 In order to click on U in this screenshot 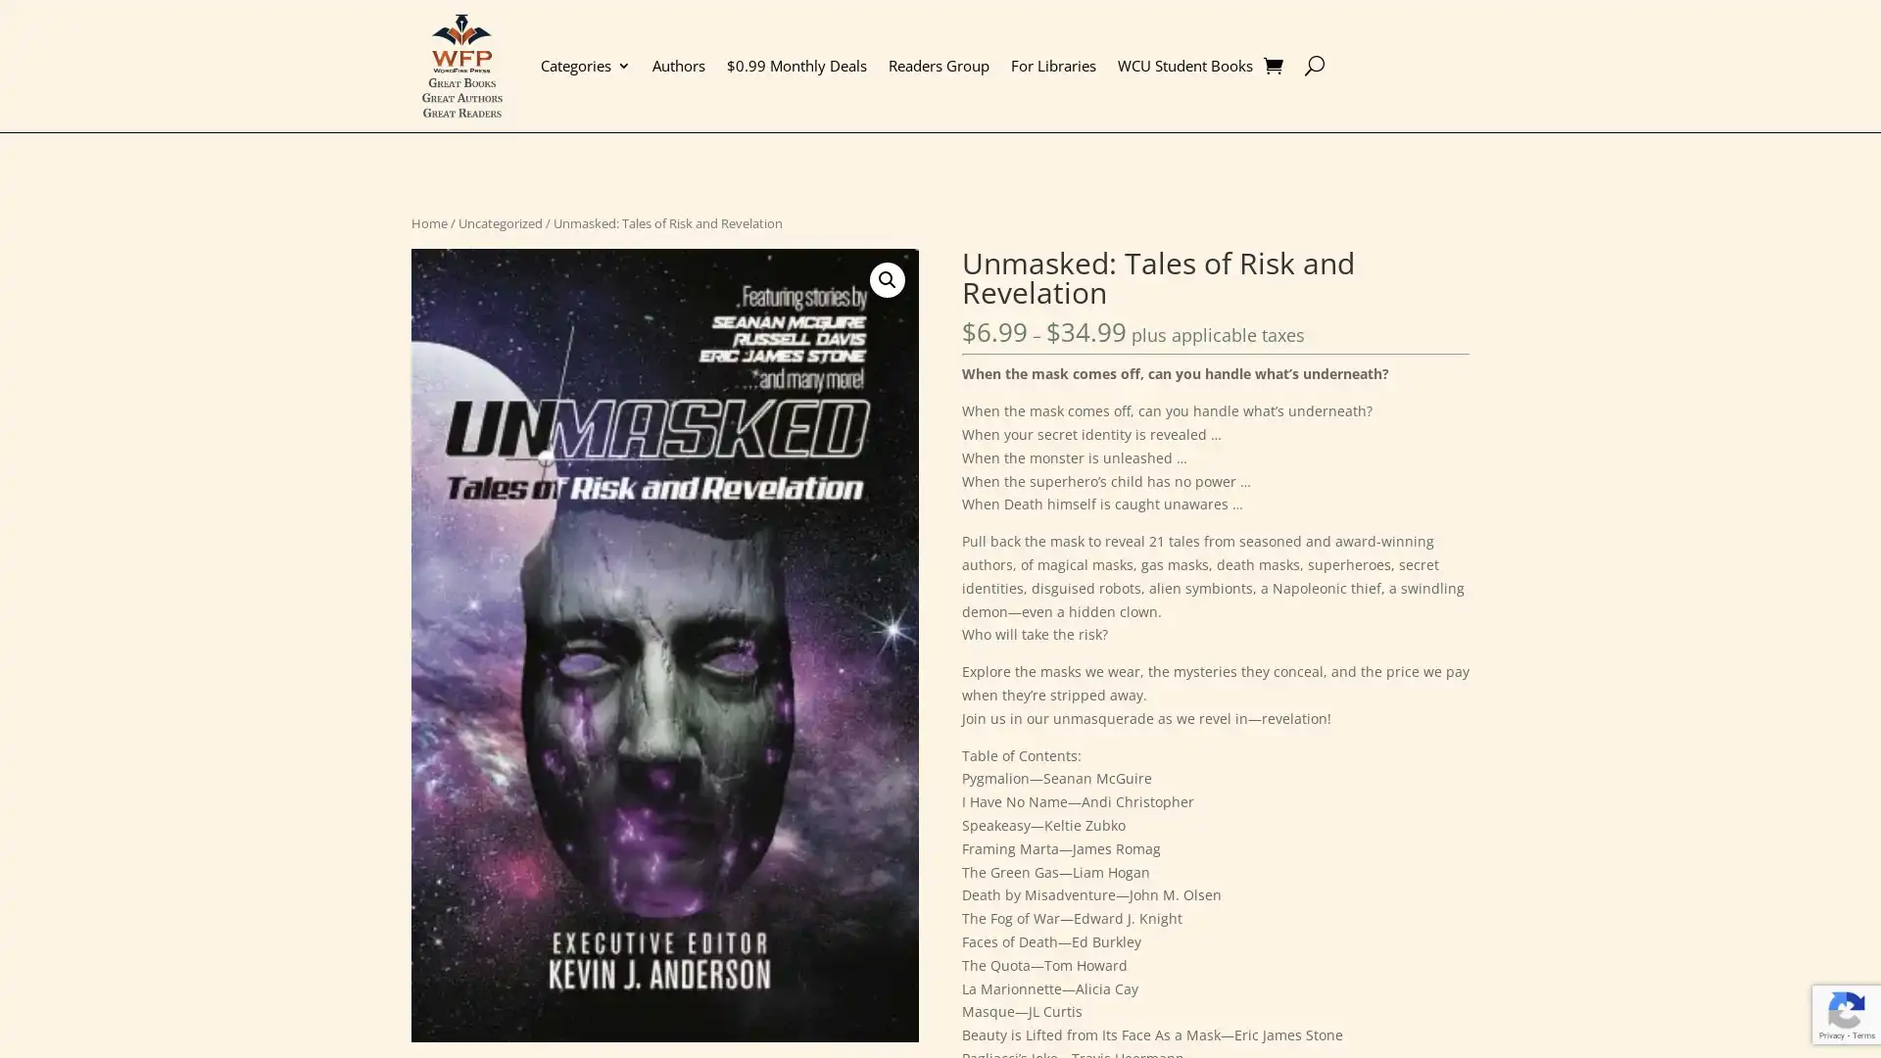, I will do `click(1313, 64)`.